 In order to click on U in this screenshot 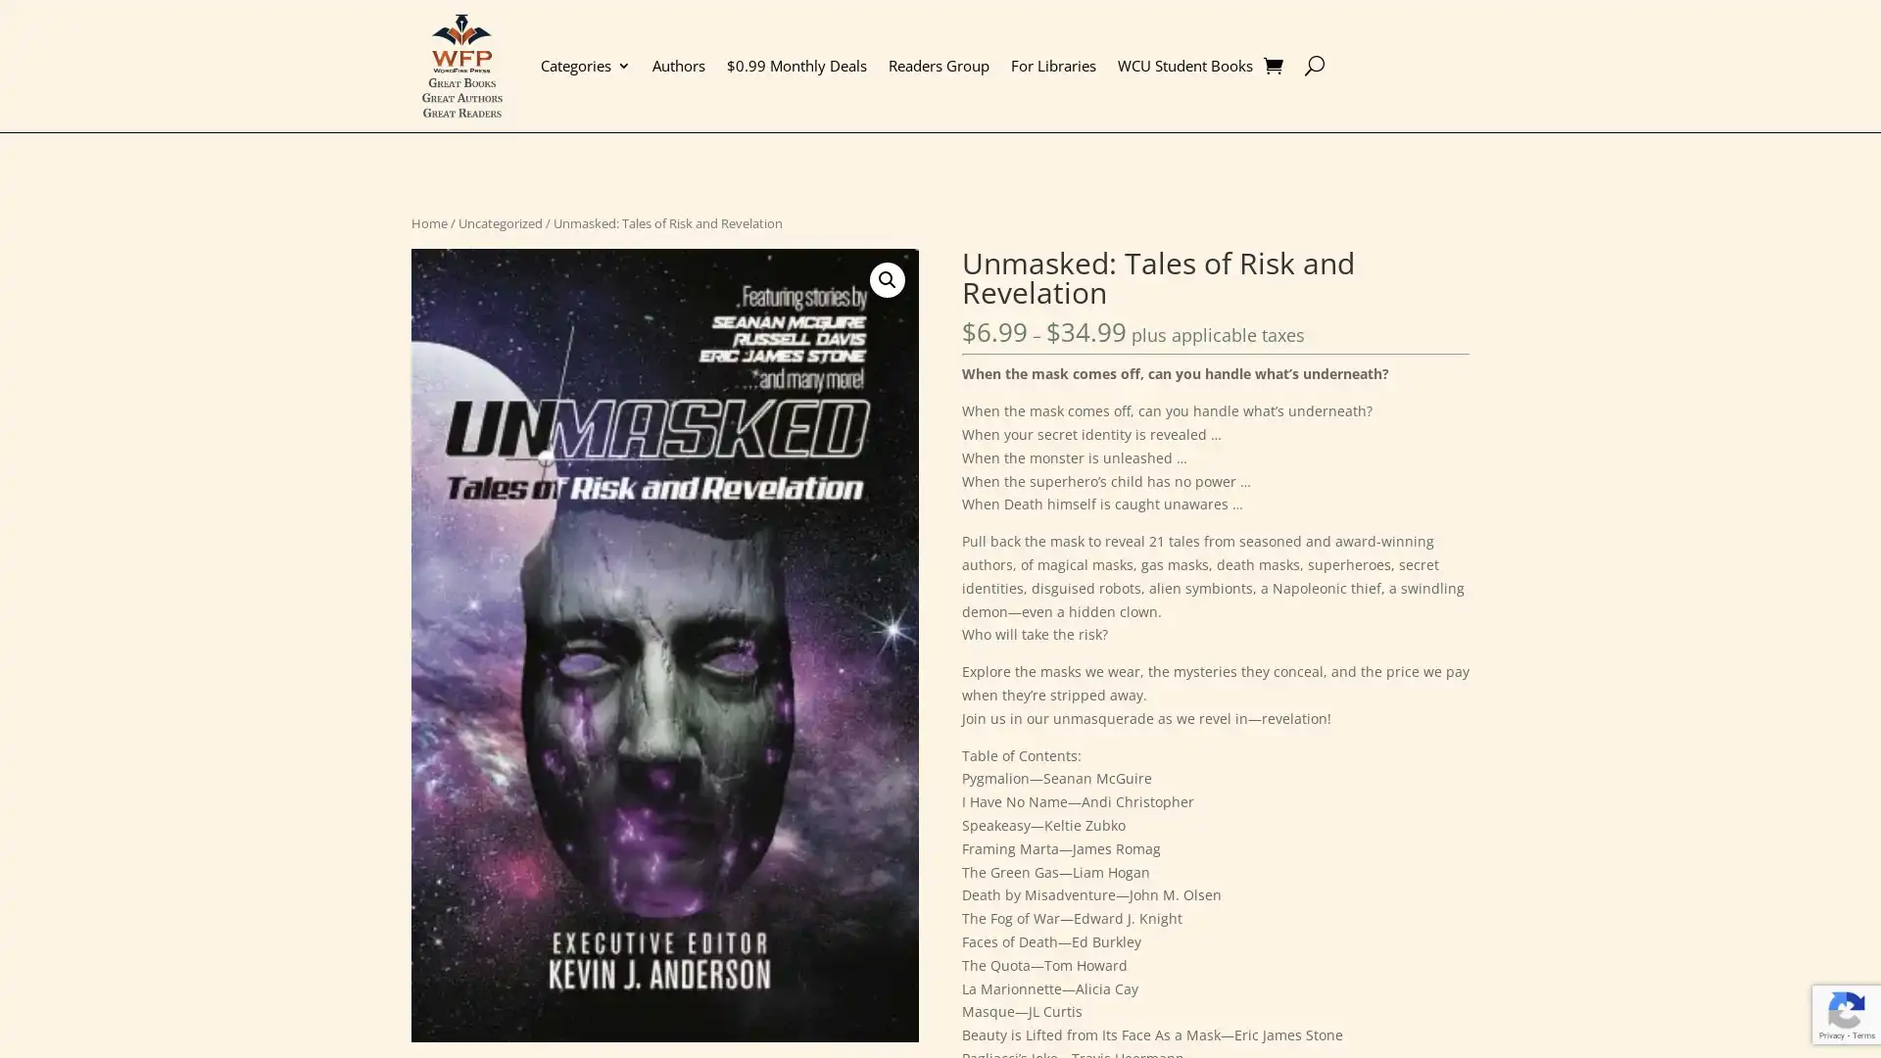, I will do `click(1313, 64)`.